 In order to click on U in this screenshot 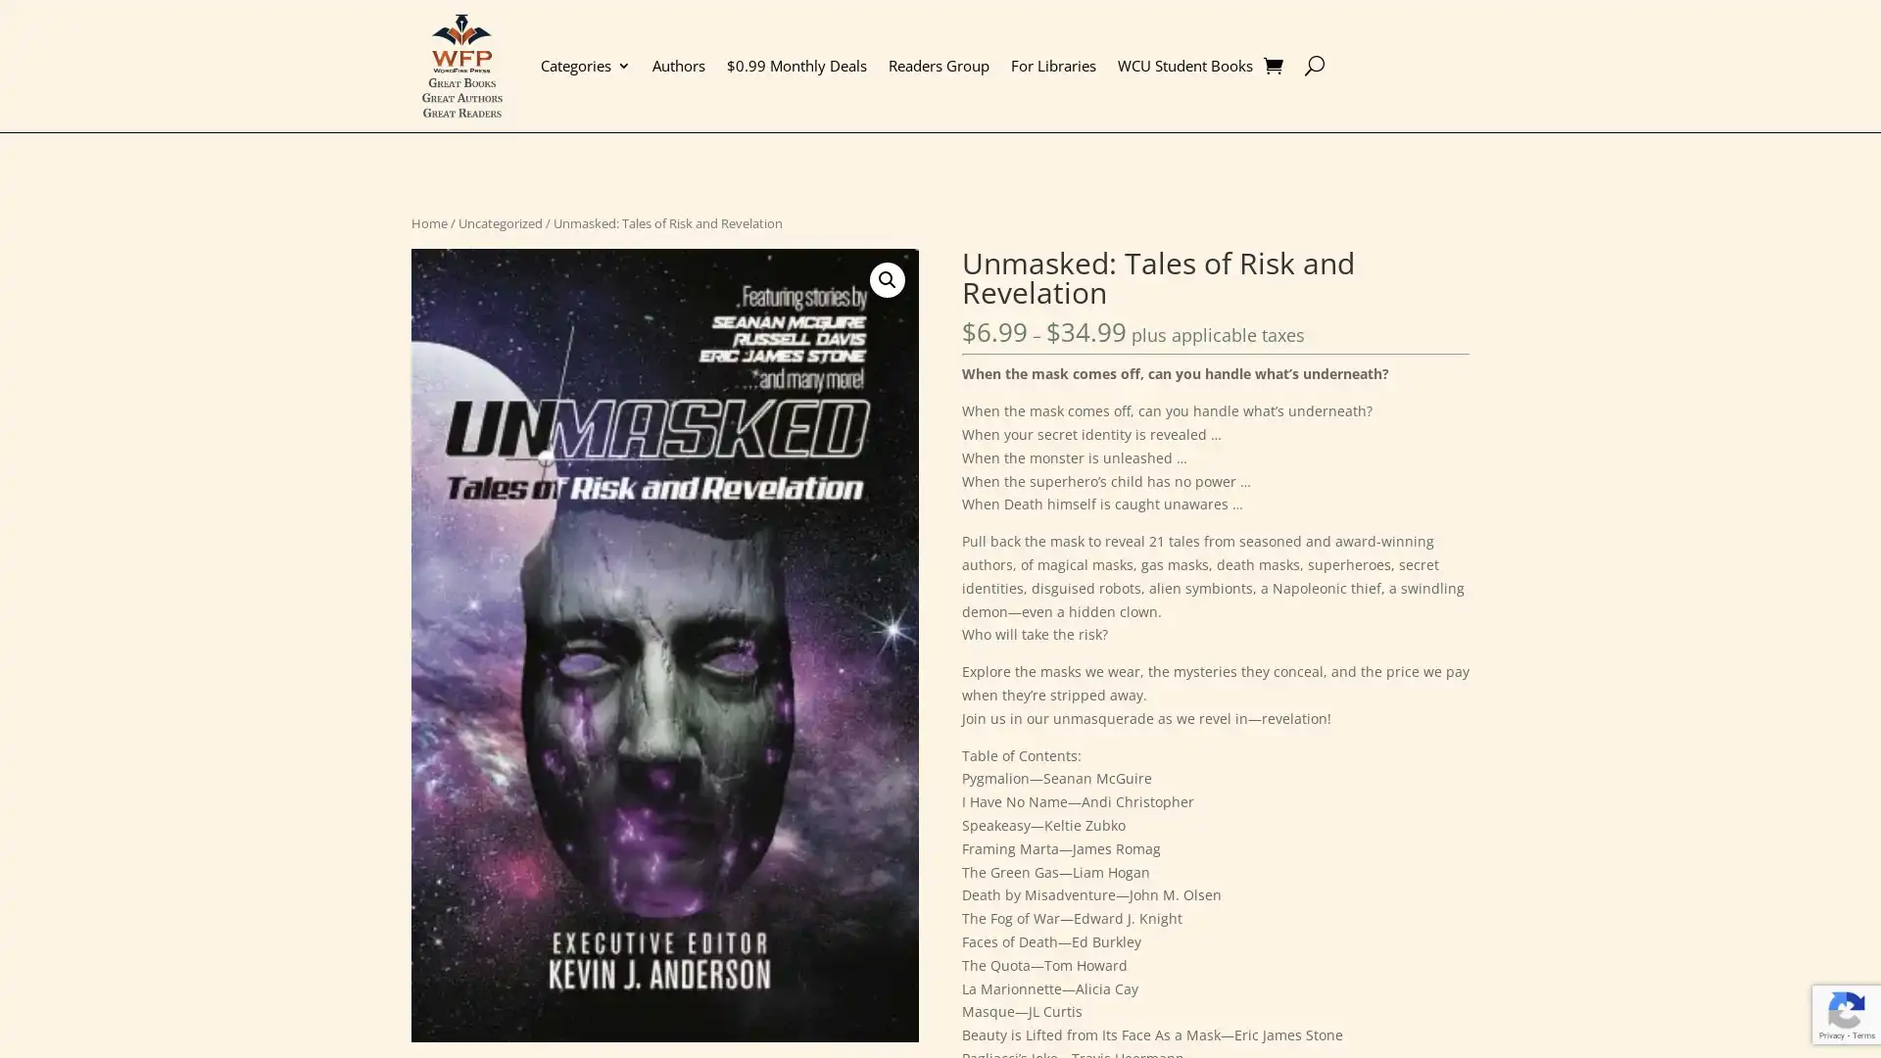, I will do `click(1313, 64)`.